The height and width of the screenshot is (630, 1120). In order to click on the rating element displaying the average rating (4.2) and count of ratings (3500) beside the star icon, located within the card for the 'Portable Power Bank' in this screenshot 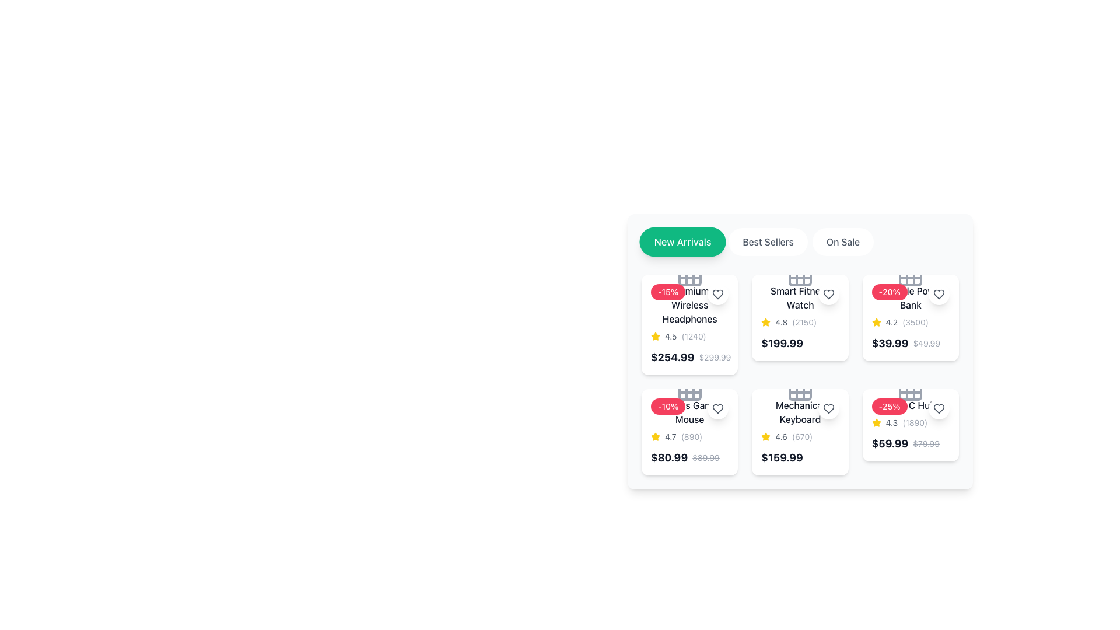, I will do `click(910, 322)`.